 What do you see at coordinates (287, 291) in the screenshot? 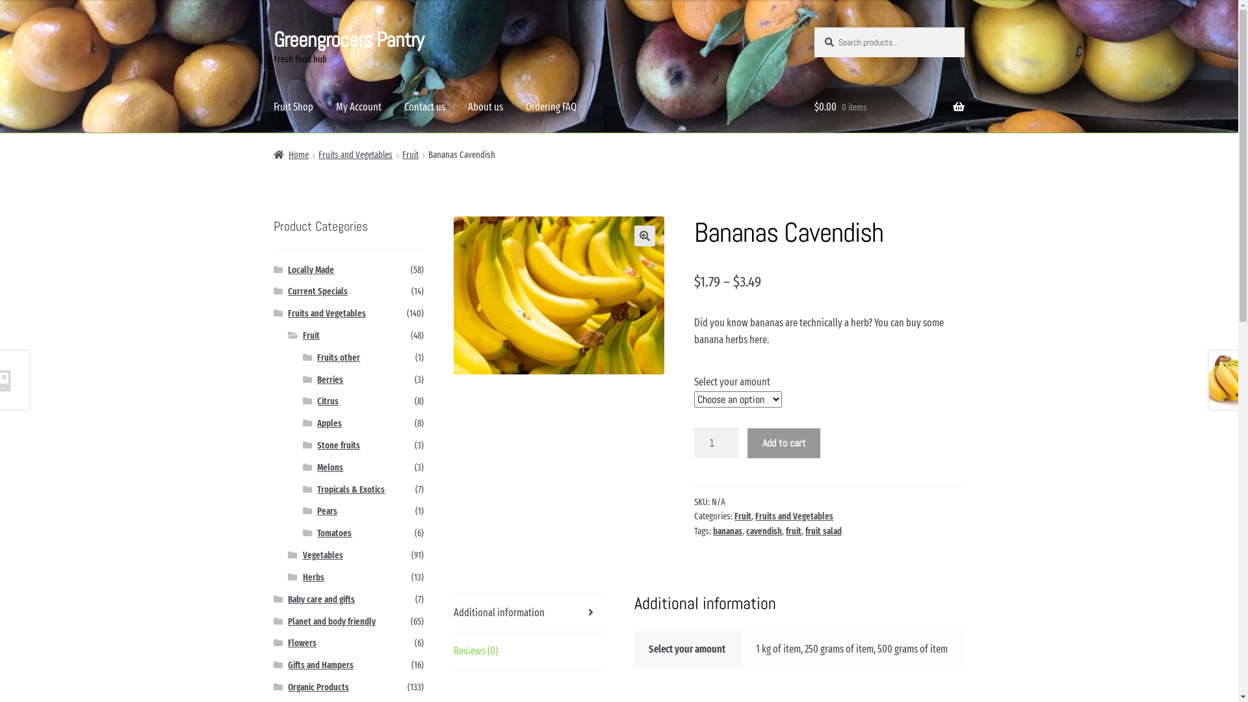
I see `'Current Specials'` at bounding box center [287, 291].